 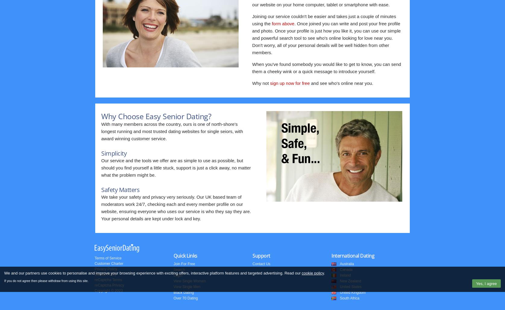 I want to click on 'We take your safety and privacy very seriously. Our UK based team of moderators work 24/7, checking each and every member profile on our website, ensuring everyone who uses our service is who they say they are. Your personal details are kept under lock and key.', so click(x=176, y=208).